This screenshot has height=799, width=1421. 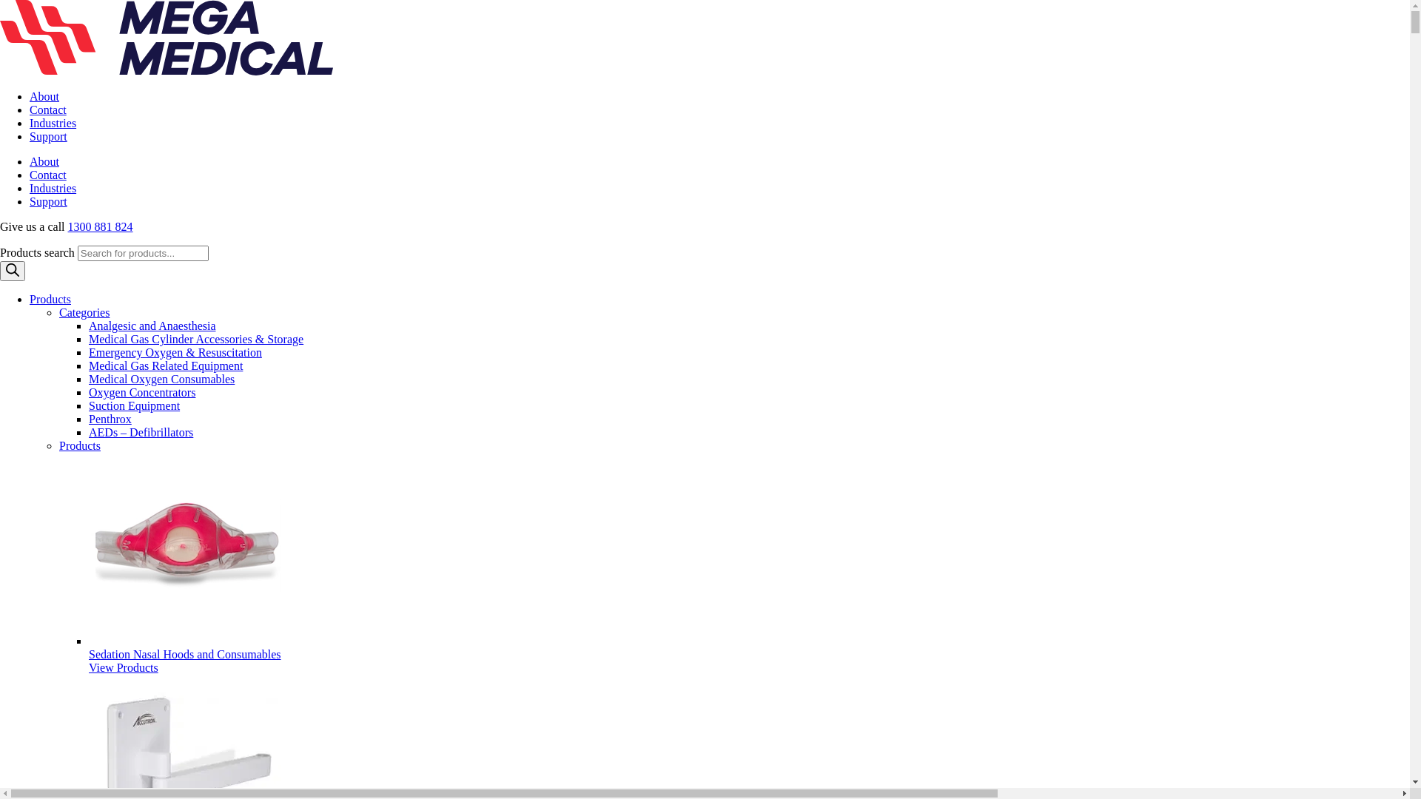 I want to click on 'Sedation Nasal Hoods and Consumables', so click(x=184, y=653).